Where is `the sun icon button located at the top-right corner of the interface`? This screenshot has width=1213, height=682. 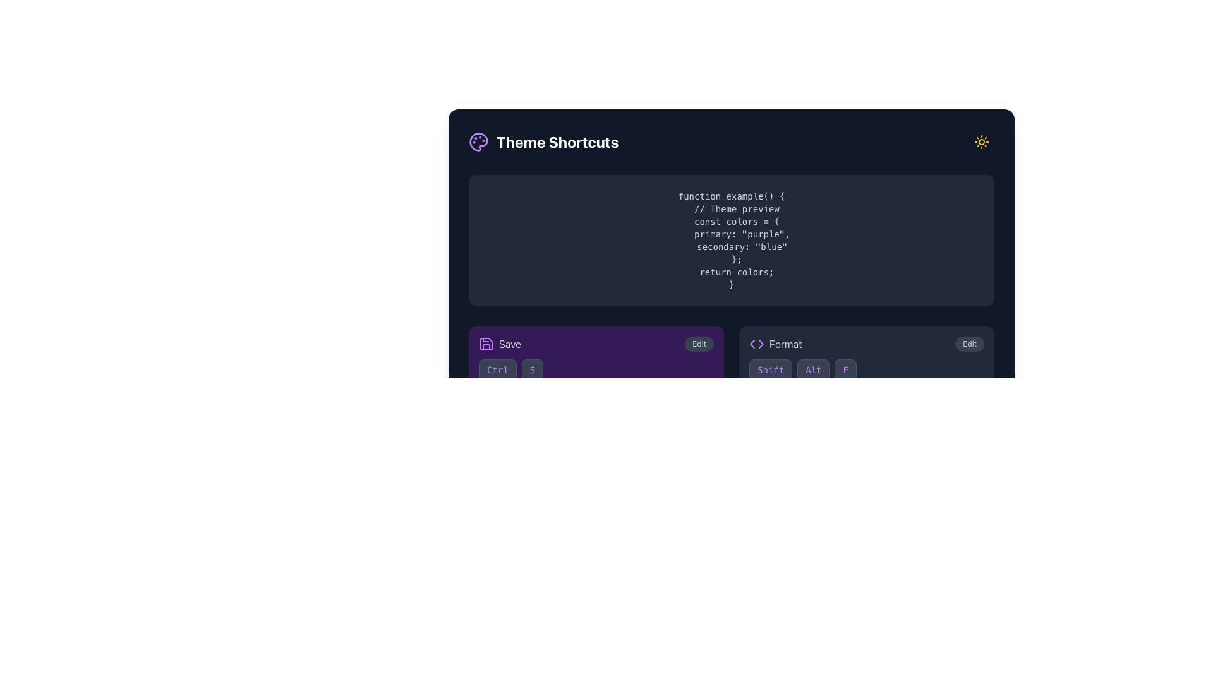
the sun icon button located at the top-right corner of the interface is located at coordinates (981, 141).